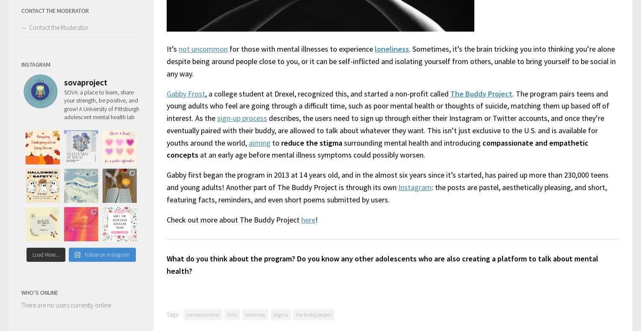 The width and height of the screenshot is (641, 331). Describe the element at coordinates (308, 219) in the screenshot. I see `'here'` at that location.